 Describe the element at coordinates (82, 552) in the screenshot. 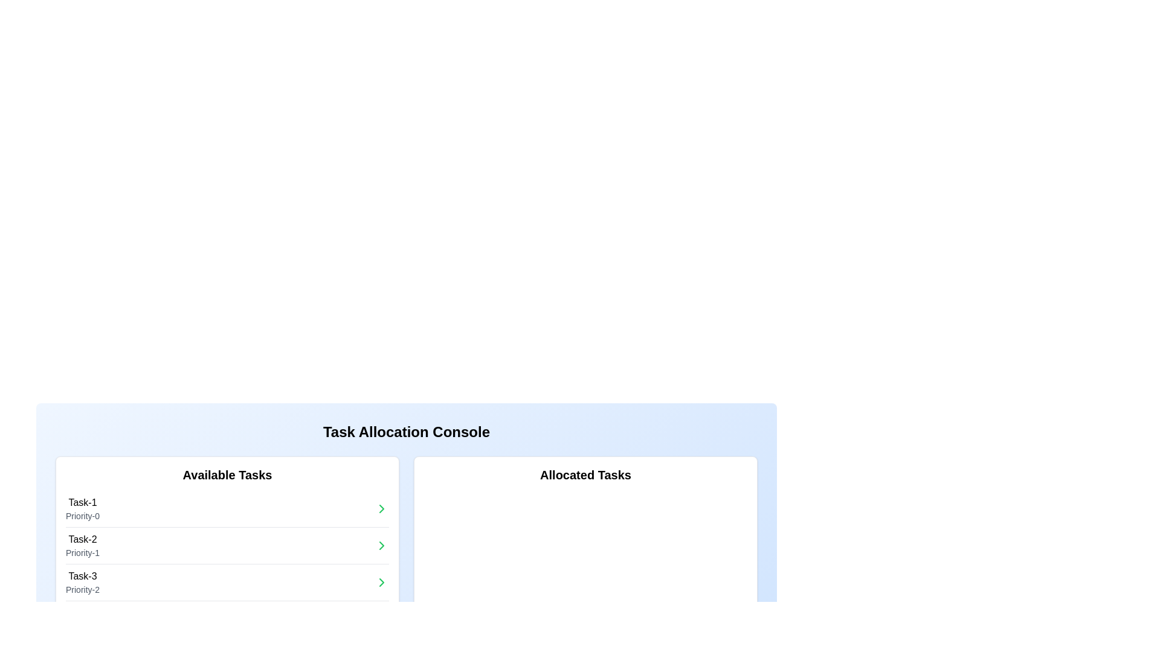

I see `the informational text label indicating the priority level (Priority-1) of the task labeled 'Task-2' located in the 'Available Tasks' section` at that location.